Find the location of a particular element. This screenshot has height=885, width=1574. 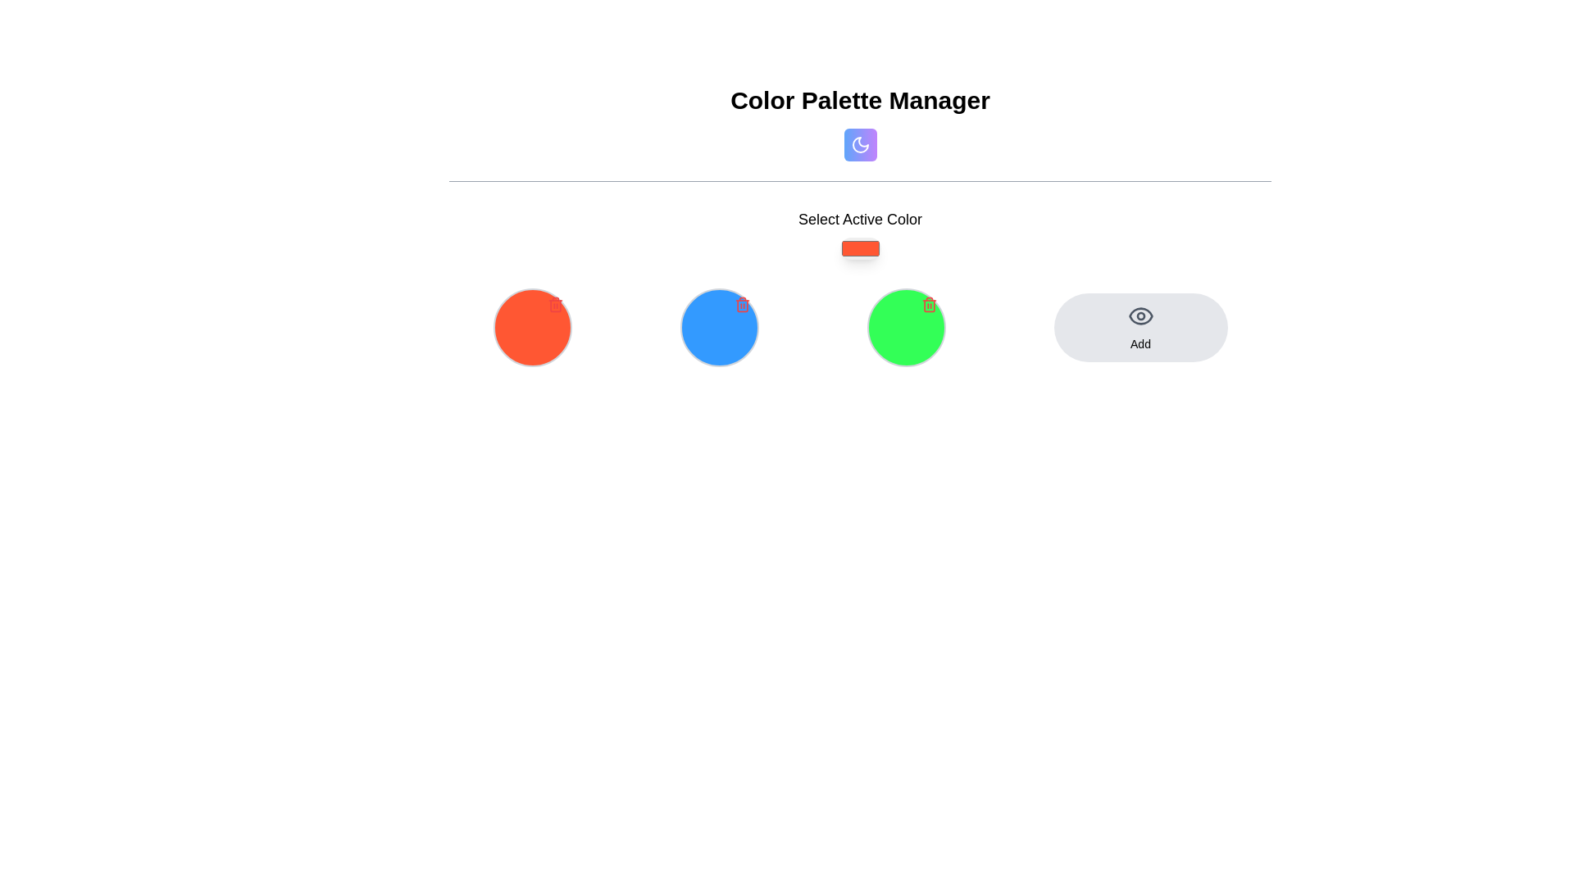

the small square-shaped button with a gradient background transitioning from blue to purple, which contains a white outline moon icon is located at coordinates (859, 144).